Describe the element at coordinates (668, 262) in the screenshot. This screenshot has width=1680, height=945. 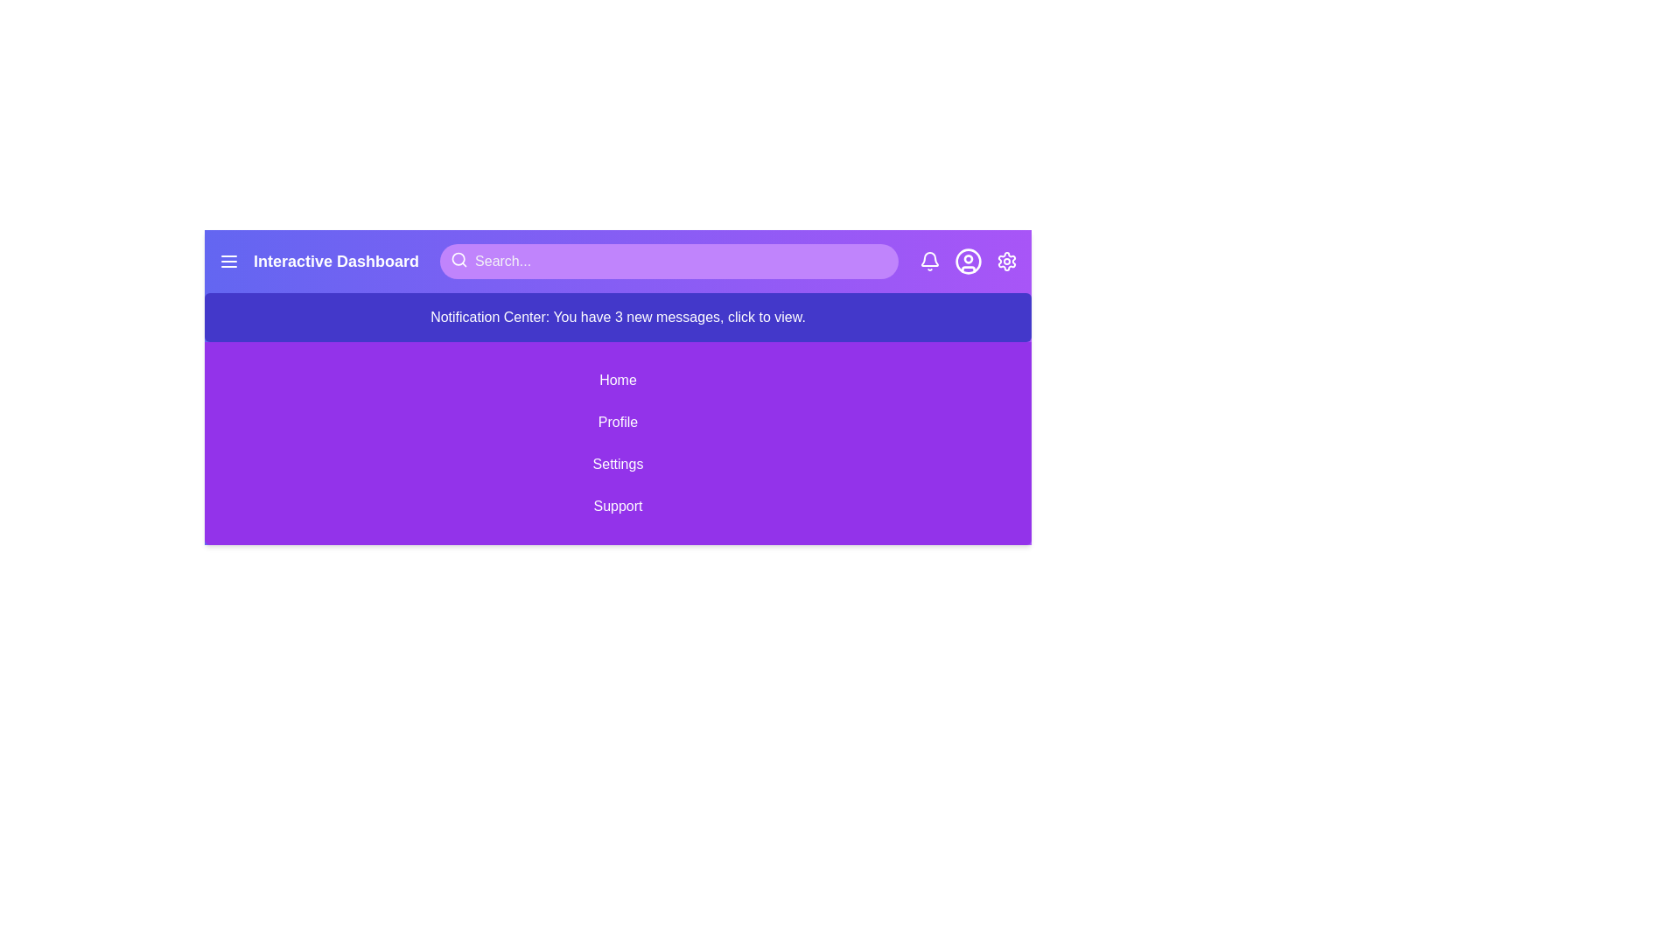
I see `the search bar and type 'example query'` at that location.